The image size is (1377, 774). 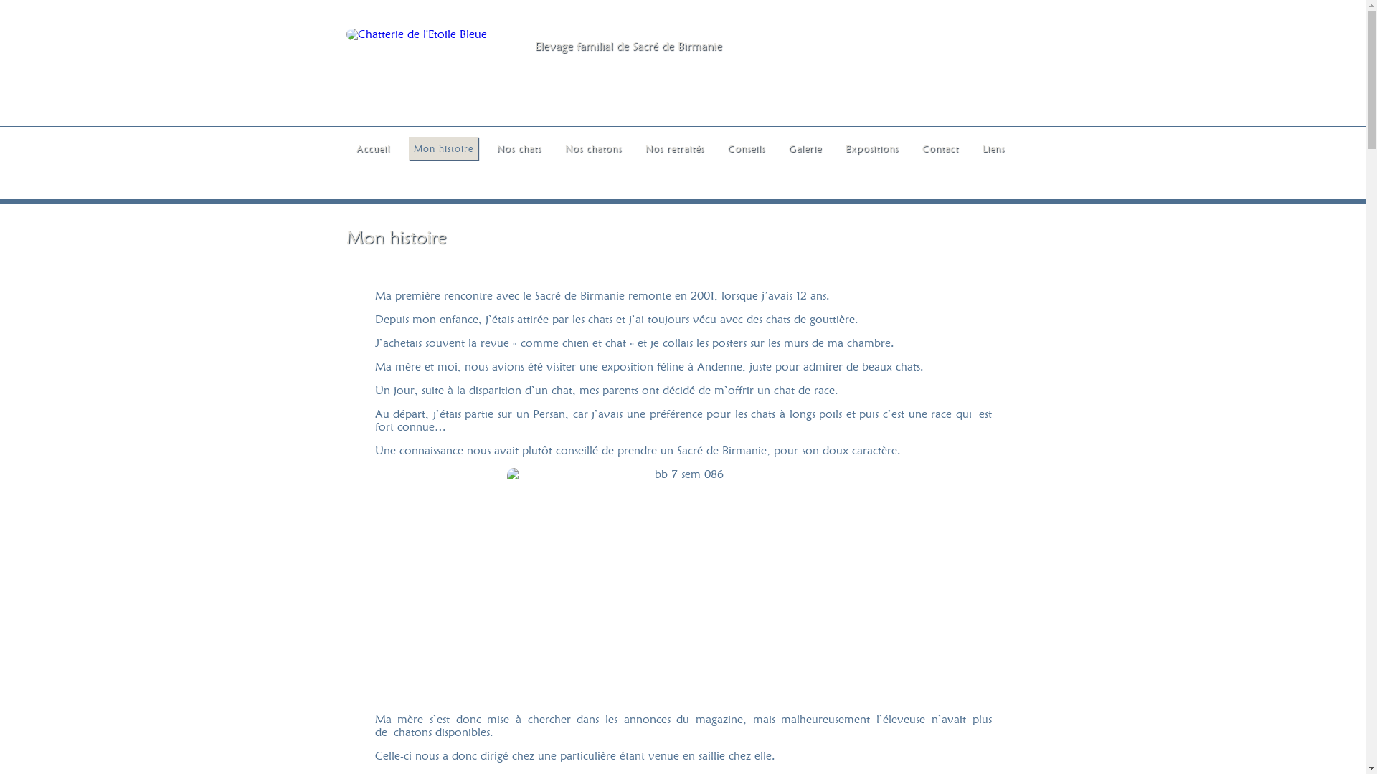 What do you see at coordinates (805, 148) in the screenshot?
I see `'Galerie'` at bounding box center [805, 148].